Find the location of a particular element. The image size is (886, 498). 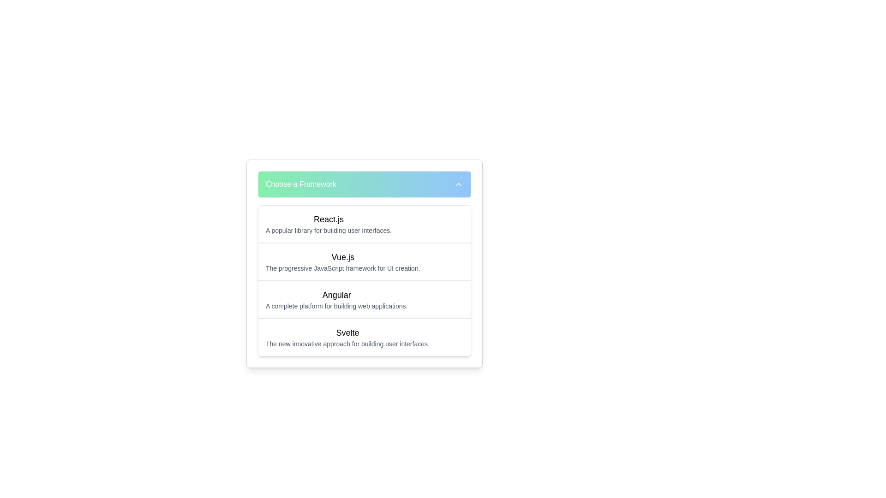

the informational section describing the Vue.js framework, which is the second item in the list of frameworks, located below 'React.js' and above 'Angular' is located at coordinates (364, 261).